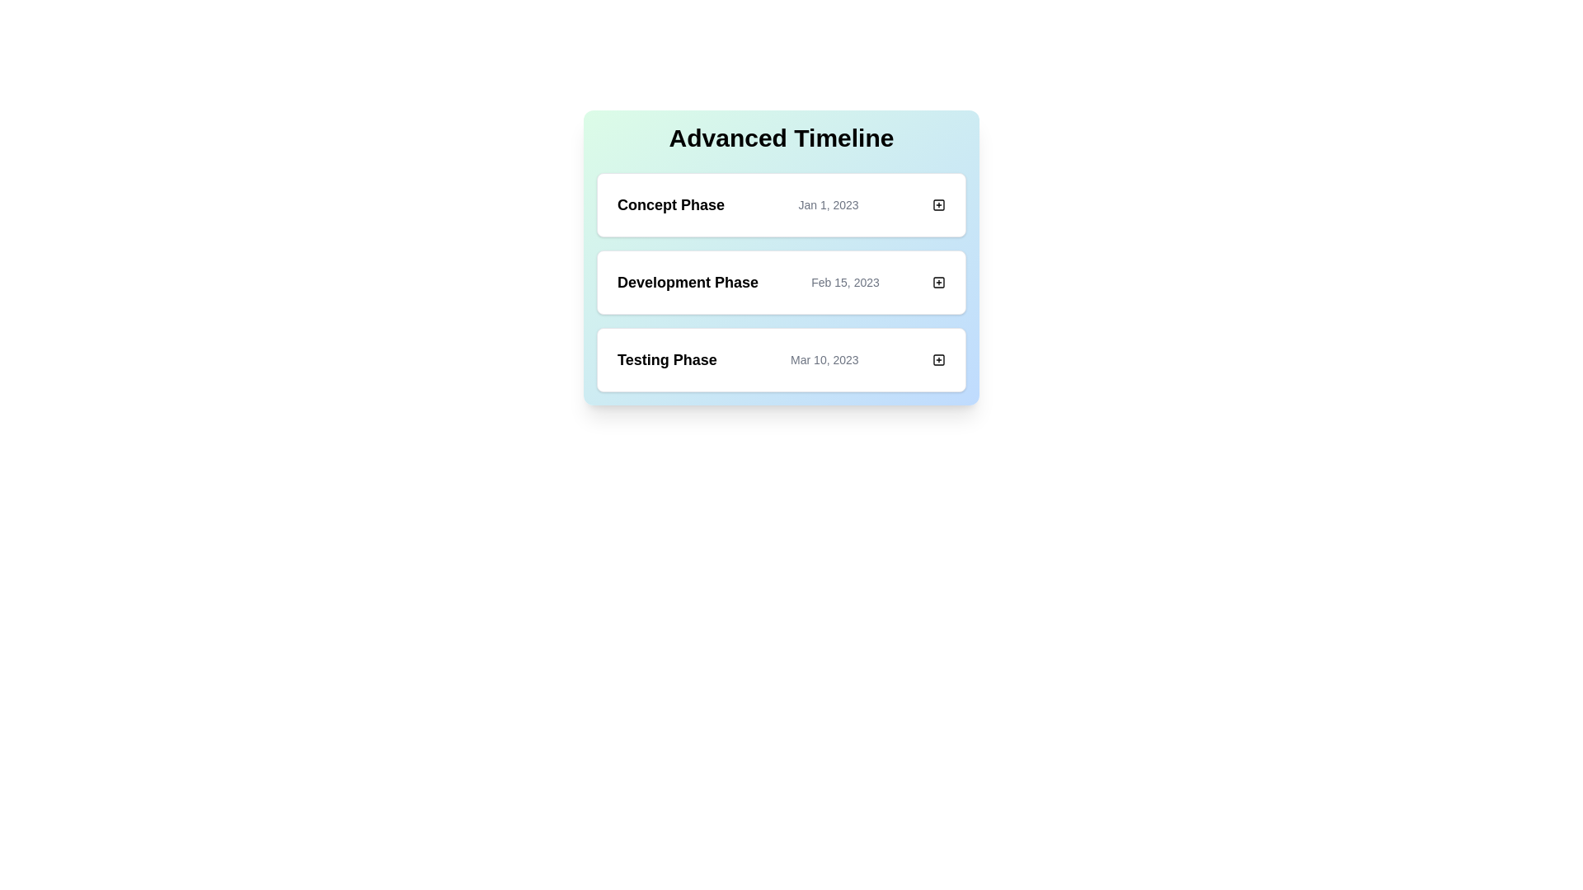 The height and width of the screenshot is (890, 1583). What do you see at coordinates (938, 204) in the screenshot?
I see `the action button icon located at the far right of the 'Concept Phase Jan 1, 2023' section` at bounding box center [938, 204].